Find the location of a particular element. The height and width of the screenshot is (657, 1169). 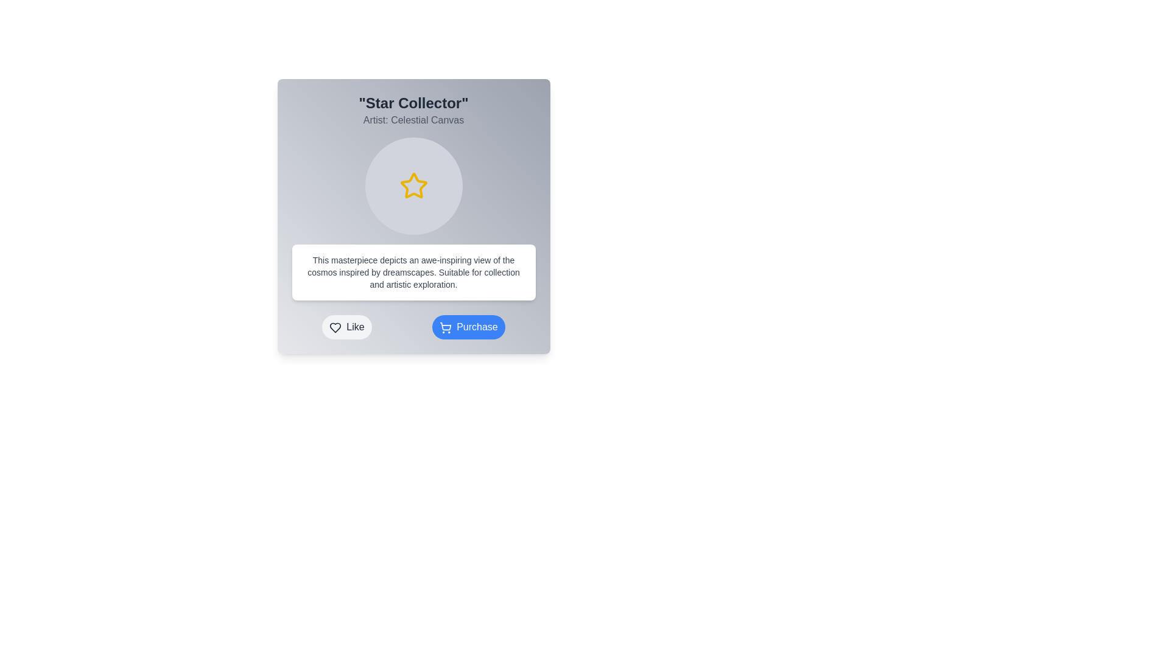

the shopping cart icon that visually denotes the purchase action, located to the left of the 'Purchase' button label is located at coordinates (445, 327).